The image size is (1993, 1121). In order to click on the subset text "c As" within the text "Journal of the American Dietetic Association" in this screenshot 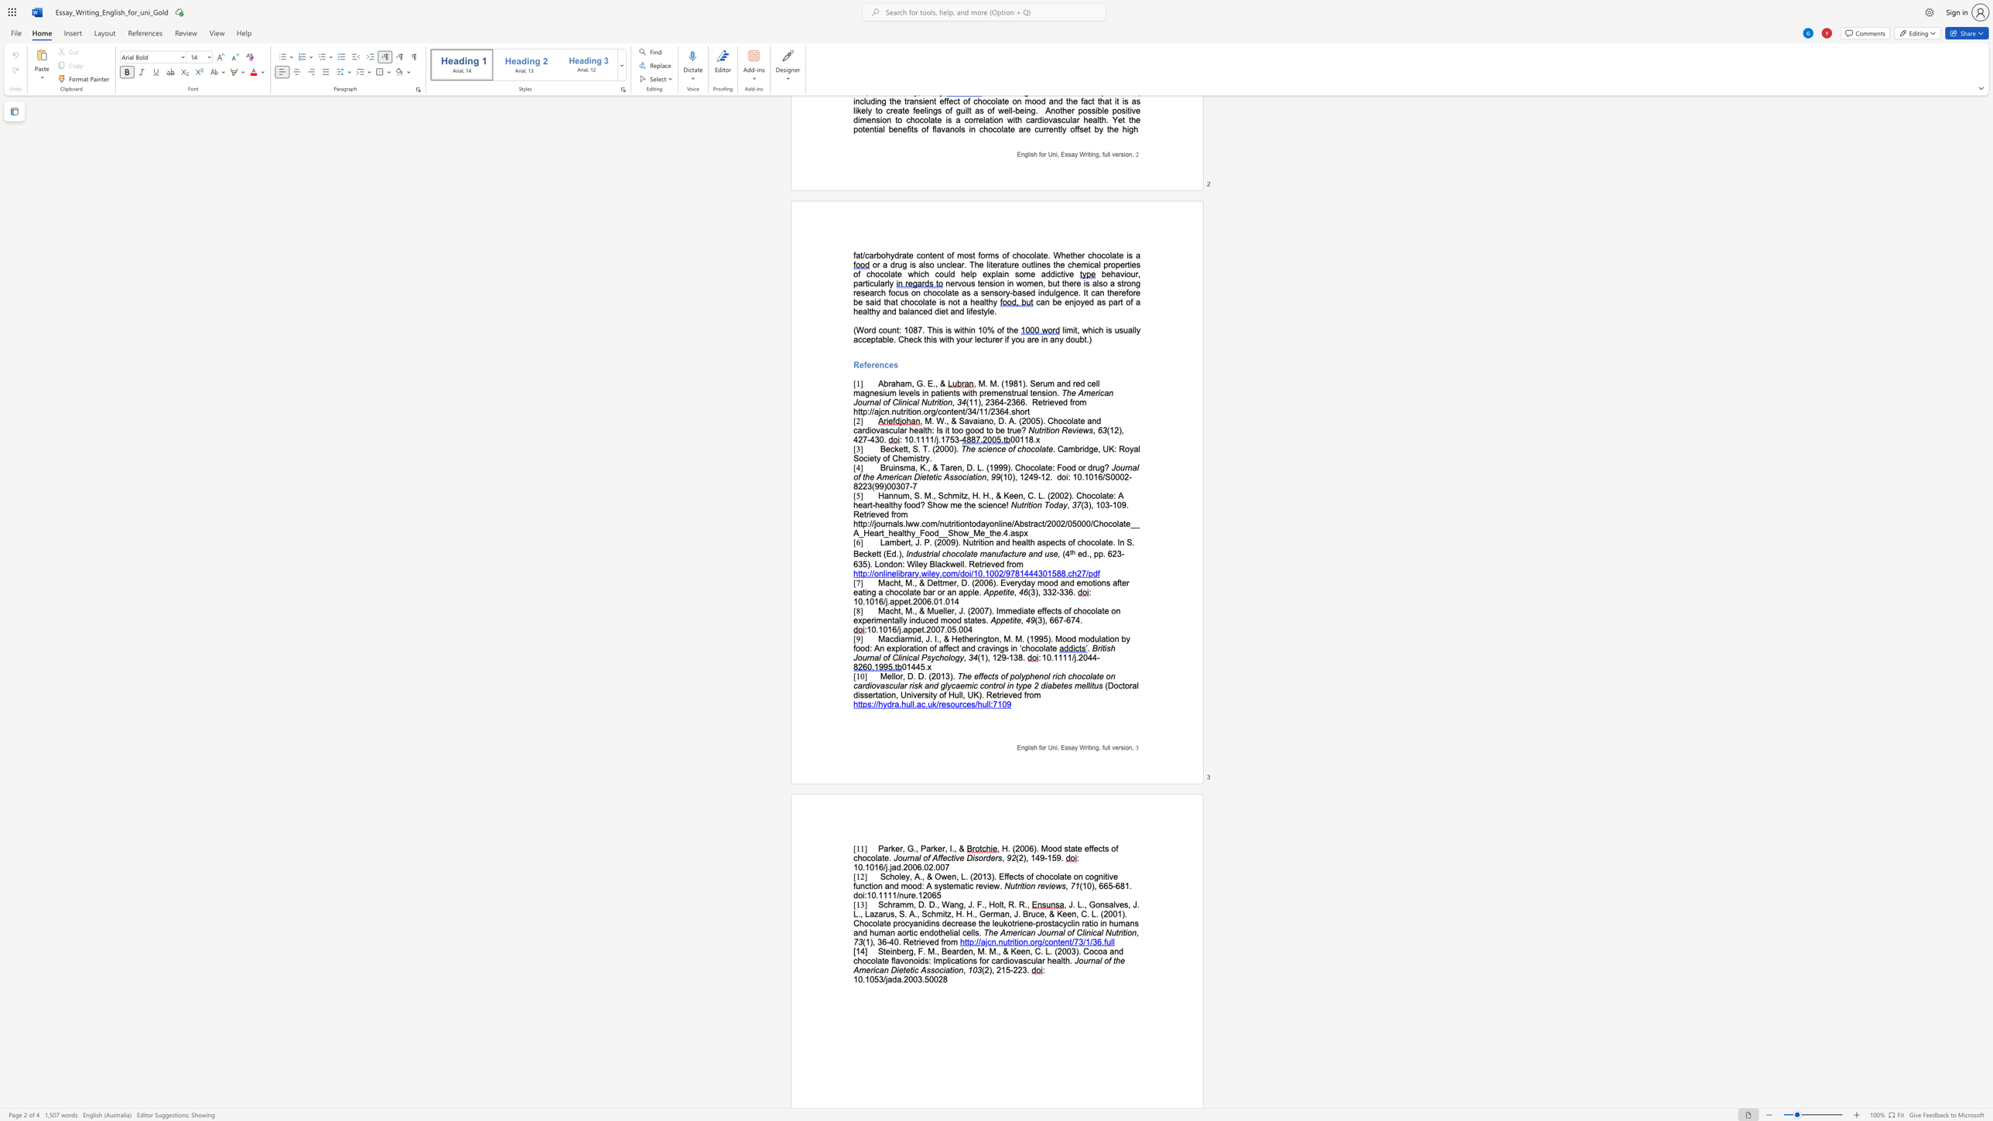, I will do `click(914, 969)`.